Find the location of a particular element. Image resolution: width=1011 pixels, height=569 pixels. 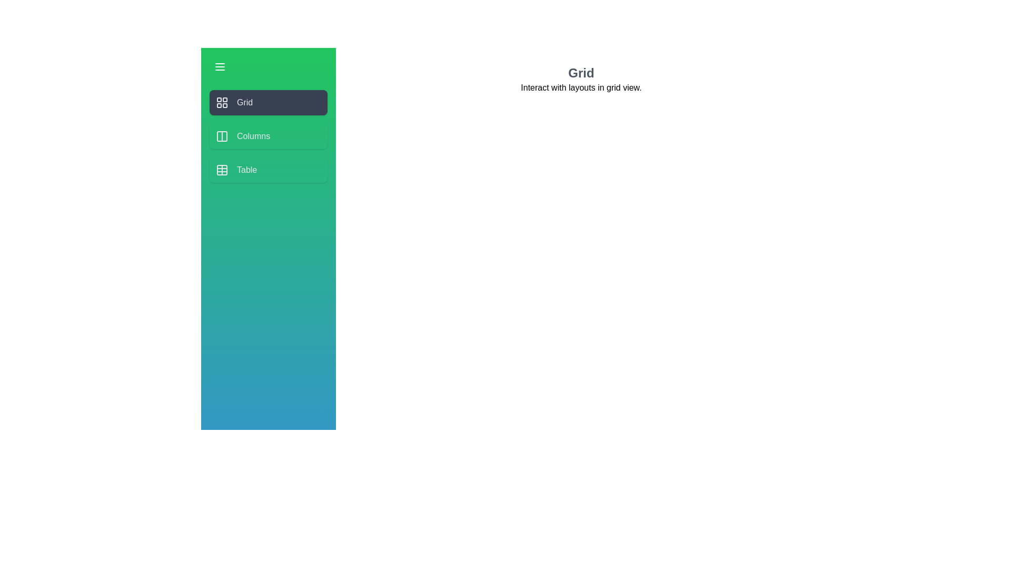

the view option Grid by clicking on the corresponding menu item is located at coordinates (268, 103).